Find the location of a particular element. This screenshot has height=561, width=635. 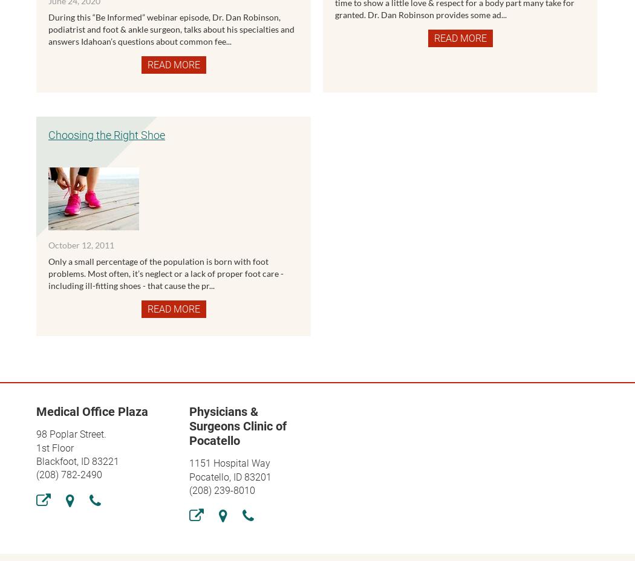

'Physicians & Surgeons Clinic of Pocatello' is located at coordinates (237, 426).